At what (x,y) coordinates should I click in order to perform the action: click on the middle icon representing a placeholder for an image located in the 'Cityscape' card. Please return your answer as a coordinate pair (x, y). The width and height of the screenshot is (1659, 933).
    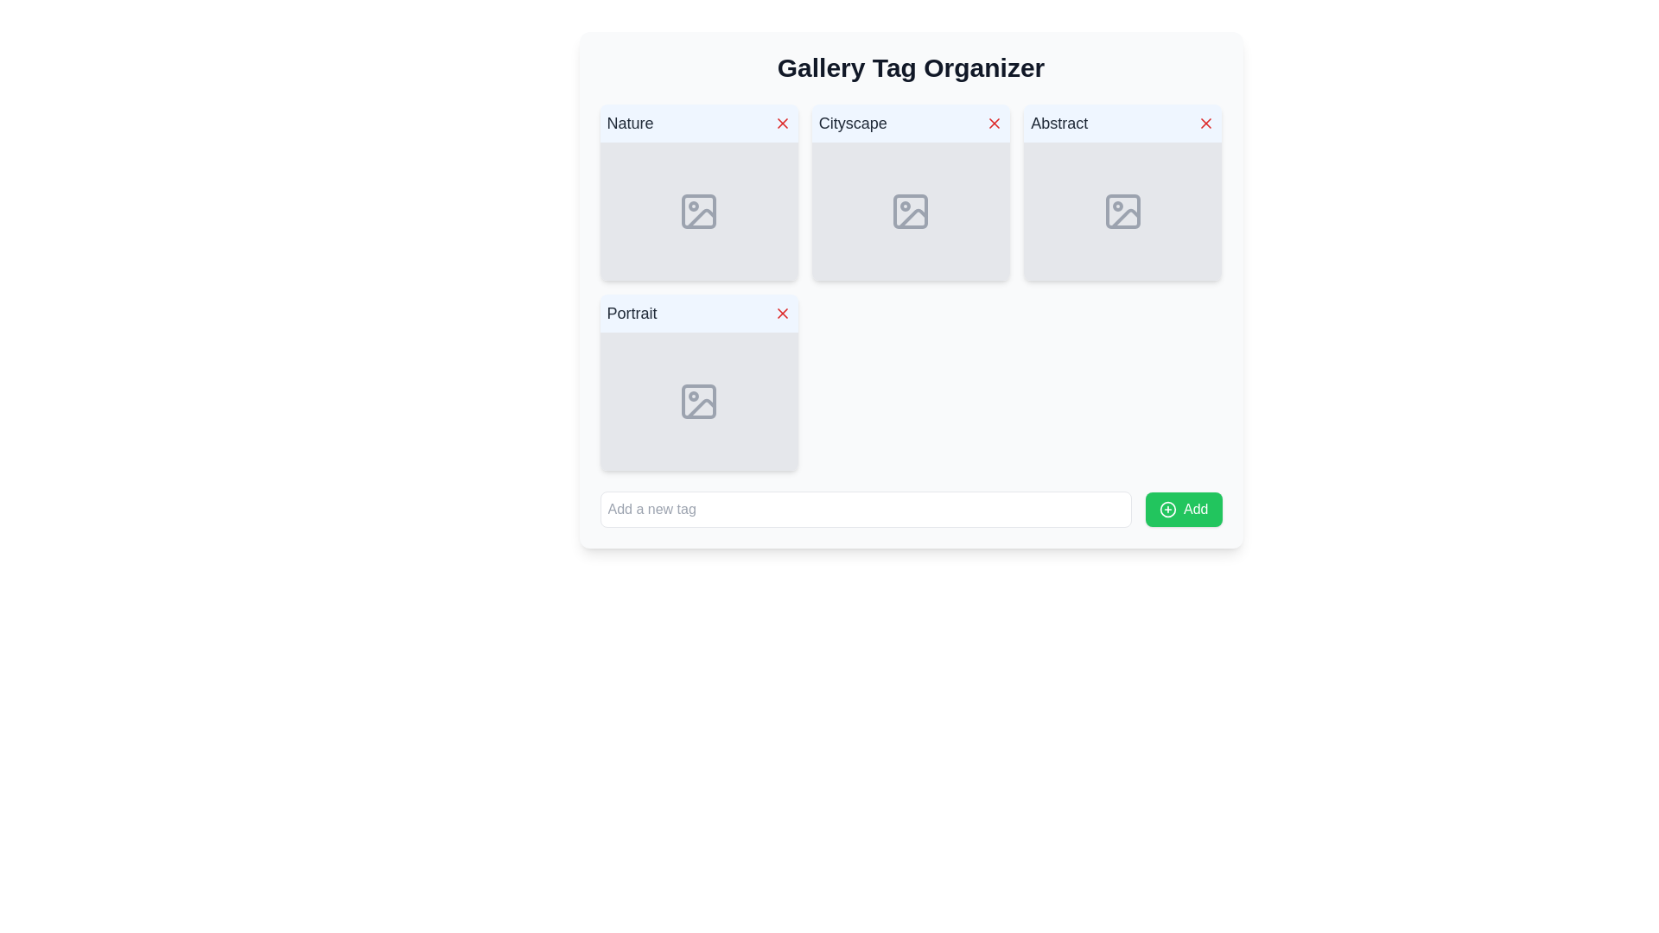
    Looking at the image, I should click on (910, 211).